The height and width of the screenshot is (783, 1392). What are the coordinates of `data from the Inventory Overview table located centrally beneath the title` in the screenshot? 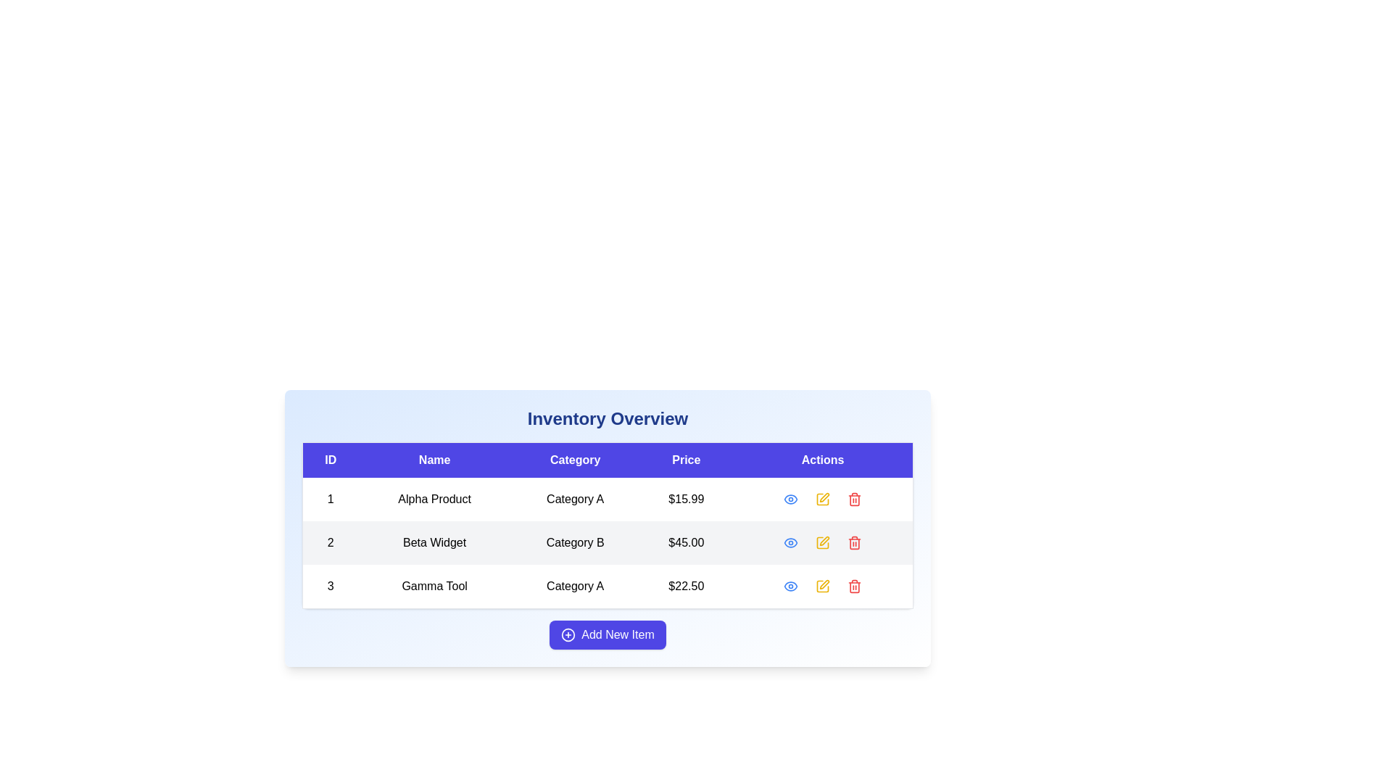 It's located at (608, 526).